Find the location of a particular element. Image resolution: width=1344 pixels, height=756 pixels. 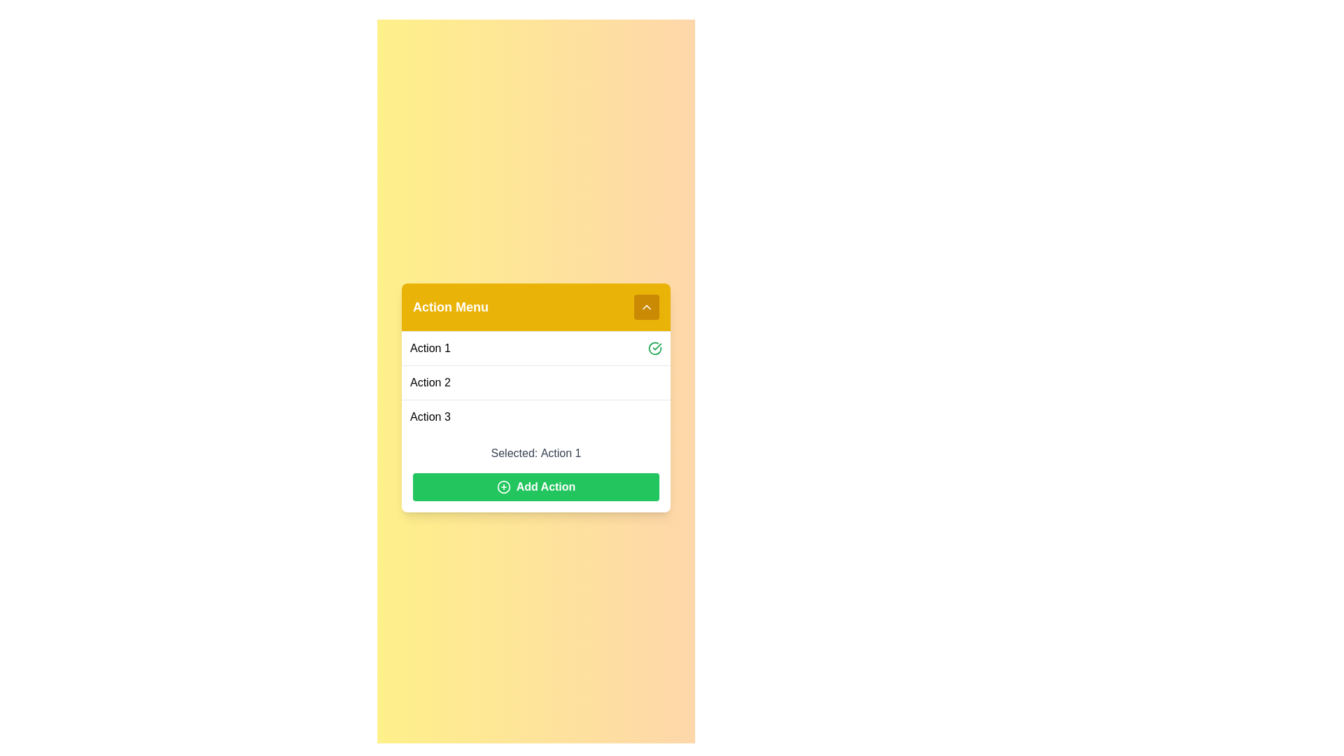

the visual part of the icon located at the center of the 'Add Action' button, which is positioned below the action menu is located at coordinates (503, 486).